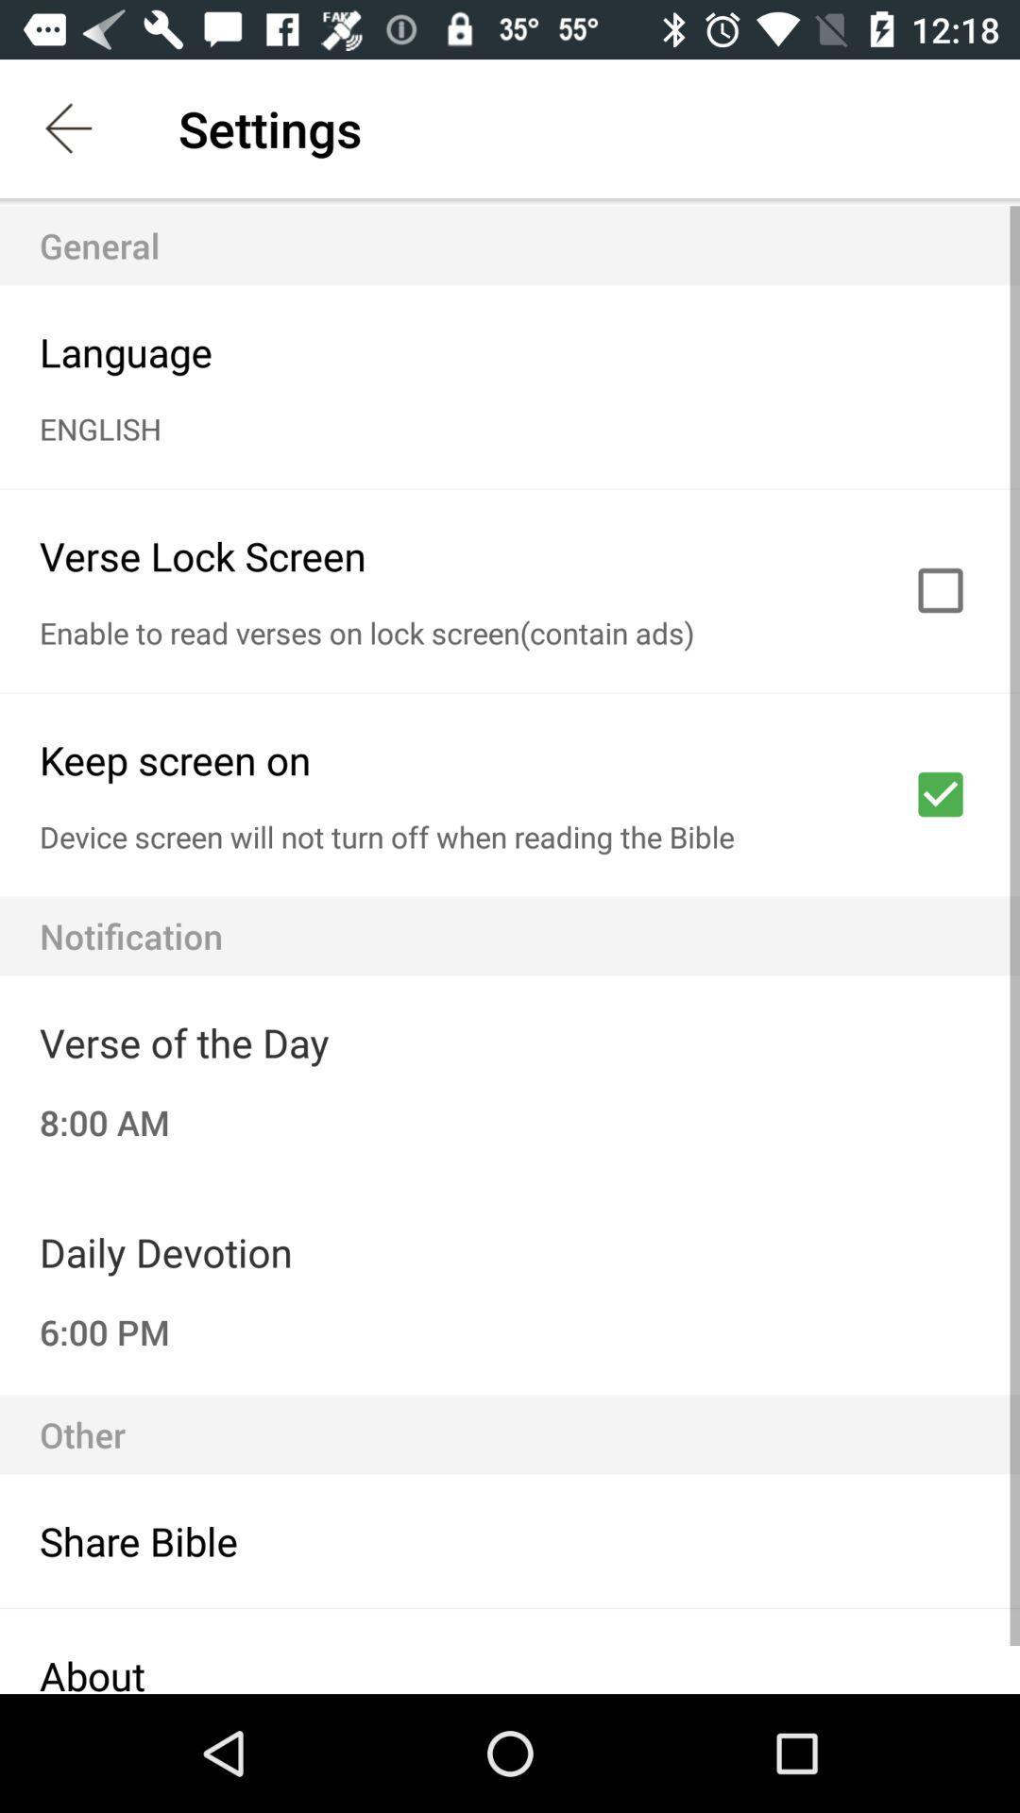 Image resolution: width=1020 pixels, height=1813 pixels. I want to click on keep screen on option, so click(940, 794).